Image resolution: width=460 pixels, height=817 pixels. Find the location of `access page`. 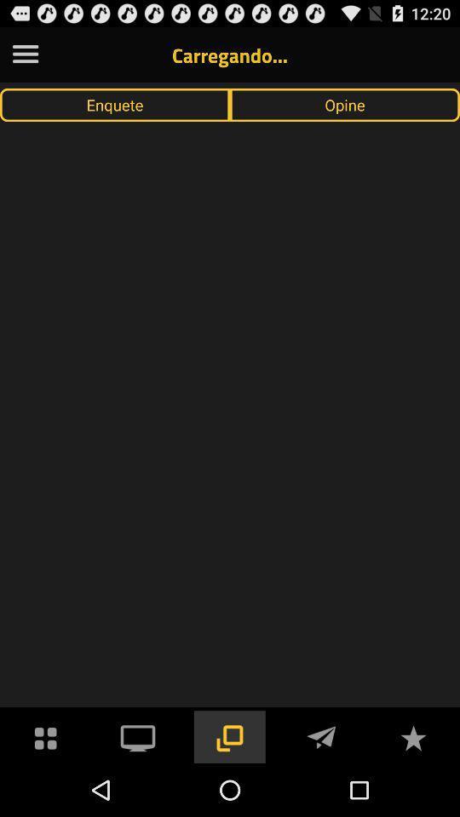

access page is located at coordinates (229, 735).